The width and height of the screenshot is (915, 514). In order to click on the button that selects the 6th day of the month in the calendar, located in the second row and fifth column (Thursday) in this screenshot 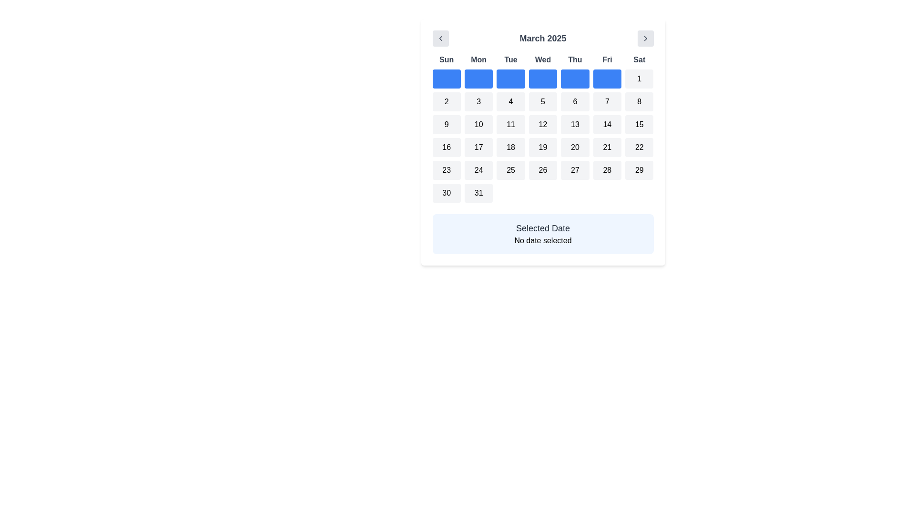, I will do `click(574, 101)`.